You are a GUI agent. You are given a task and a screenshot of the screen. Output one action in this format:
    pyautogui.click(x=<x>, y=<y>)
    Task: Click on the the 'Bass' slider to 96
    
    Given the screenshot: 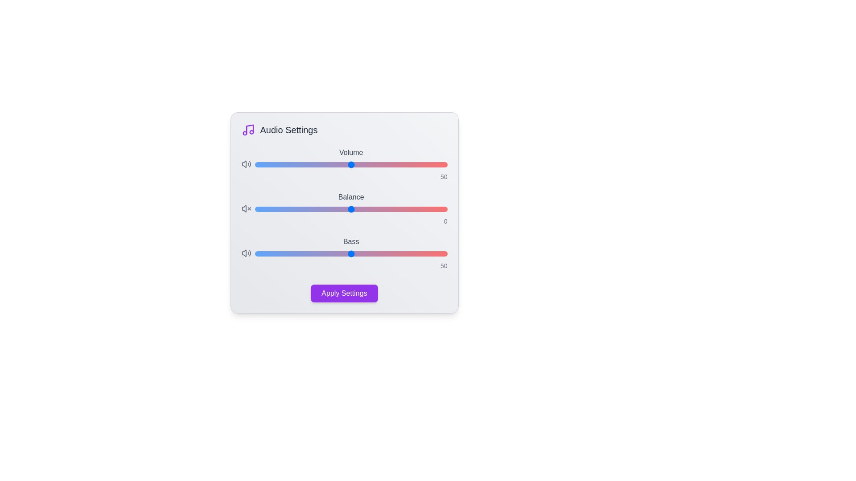 What is the action you would take?
    pyautogui.click(x=440, y=254)
    